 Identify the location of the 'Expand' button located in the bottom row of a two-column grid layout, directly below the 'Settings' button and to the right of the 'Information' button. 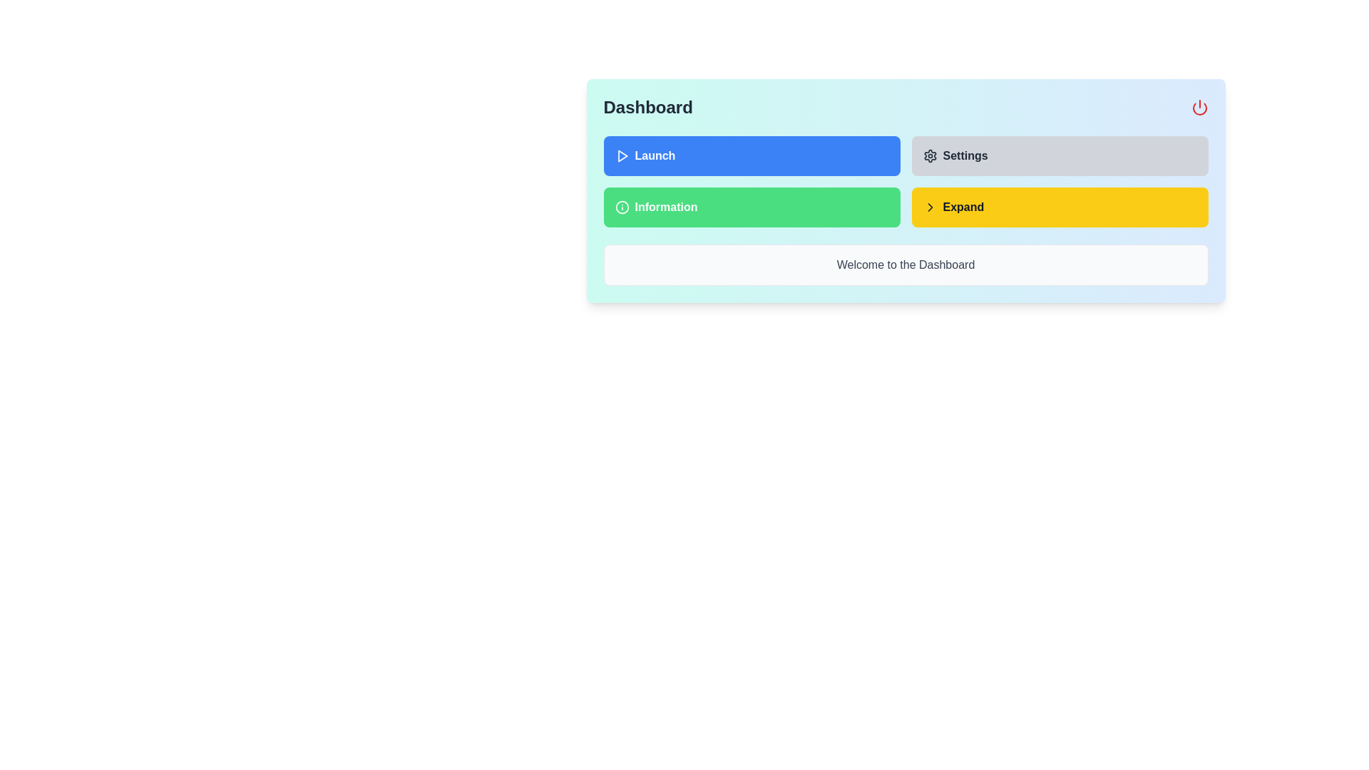
(1060, 207).